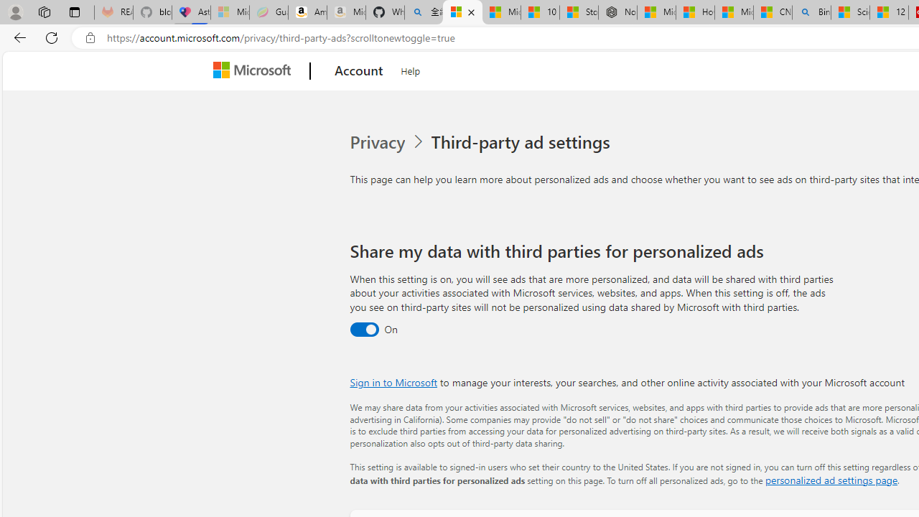 This screenshot has height=517, width=919. I want to click on 'Stocks - MSN', so click(579, 12).